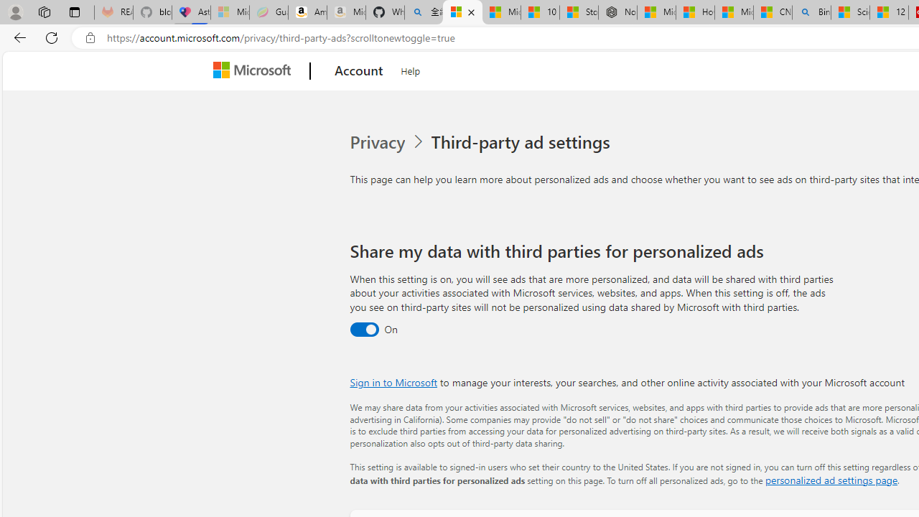 This screenshot has height=517, width=919. I want to click on 'Stocks - MSN', so click(579, 12).